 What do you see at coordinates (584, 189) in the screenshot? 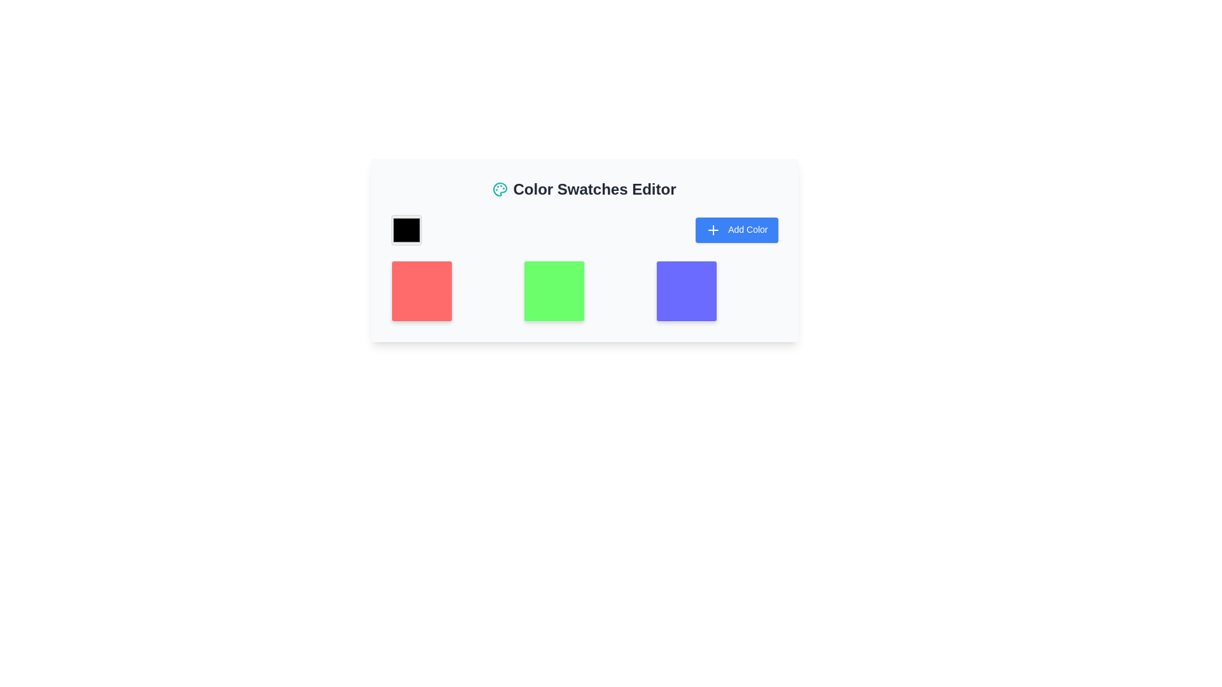
I see `the Header element that serves as a title or heading for the interface, located above the color swatch items and the 'Add Color' button` at bounding box center [584, 189].